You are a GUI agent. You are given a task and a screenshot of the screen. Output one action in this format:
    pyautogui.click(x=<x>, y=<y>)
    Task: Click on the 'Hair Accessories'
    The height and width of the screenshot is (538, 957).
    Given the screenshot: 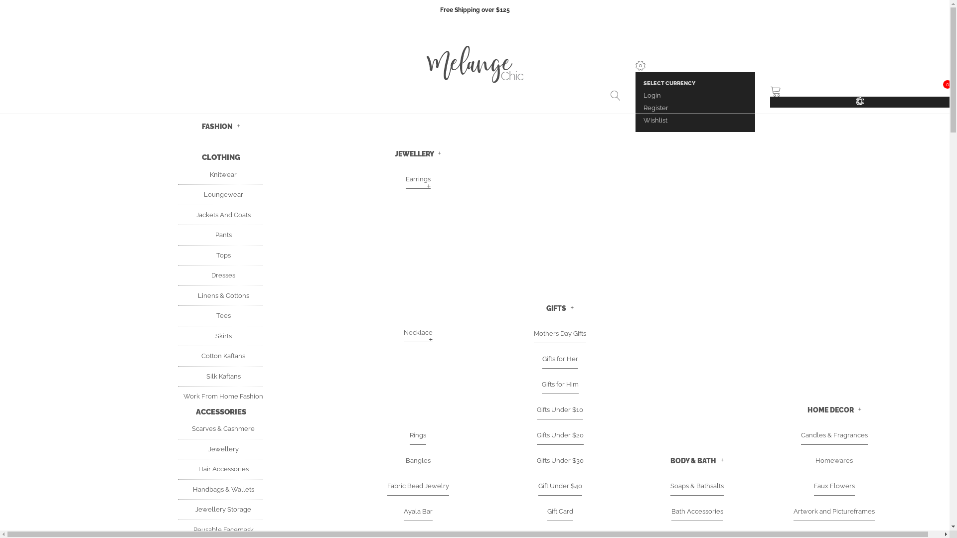 What is the action you would take?
    pyautogui.click(x=220, y=469)
    